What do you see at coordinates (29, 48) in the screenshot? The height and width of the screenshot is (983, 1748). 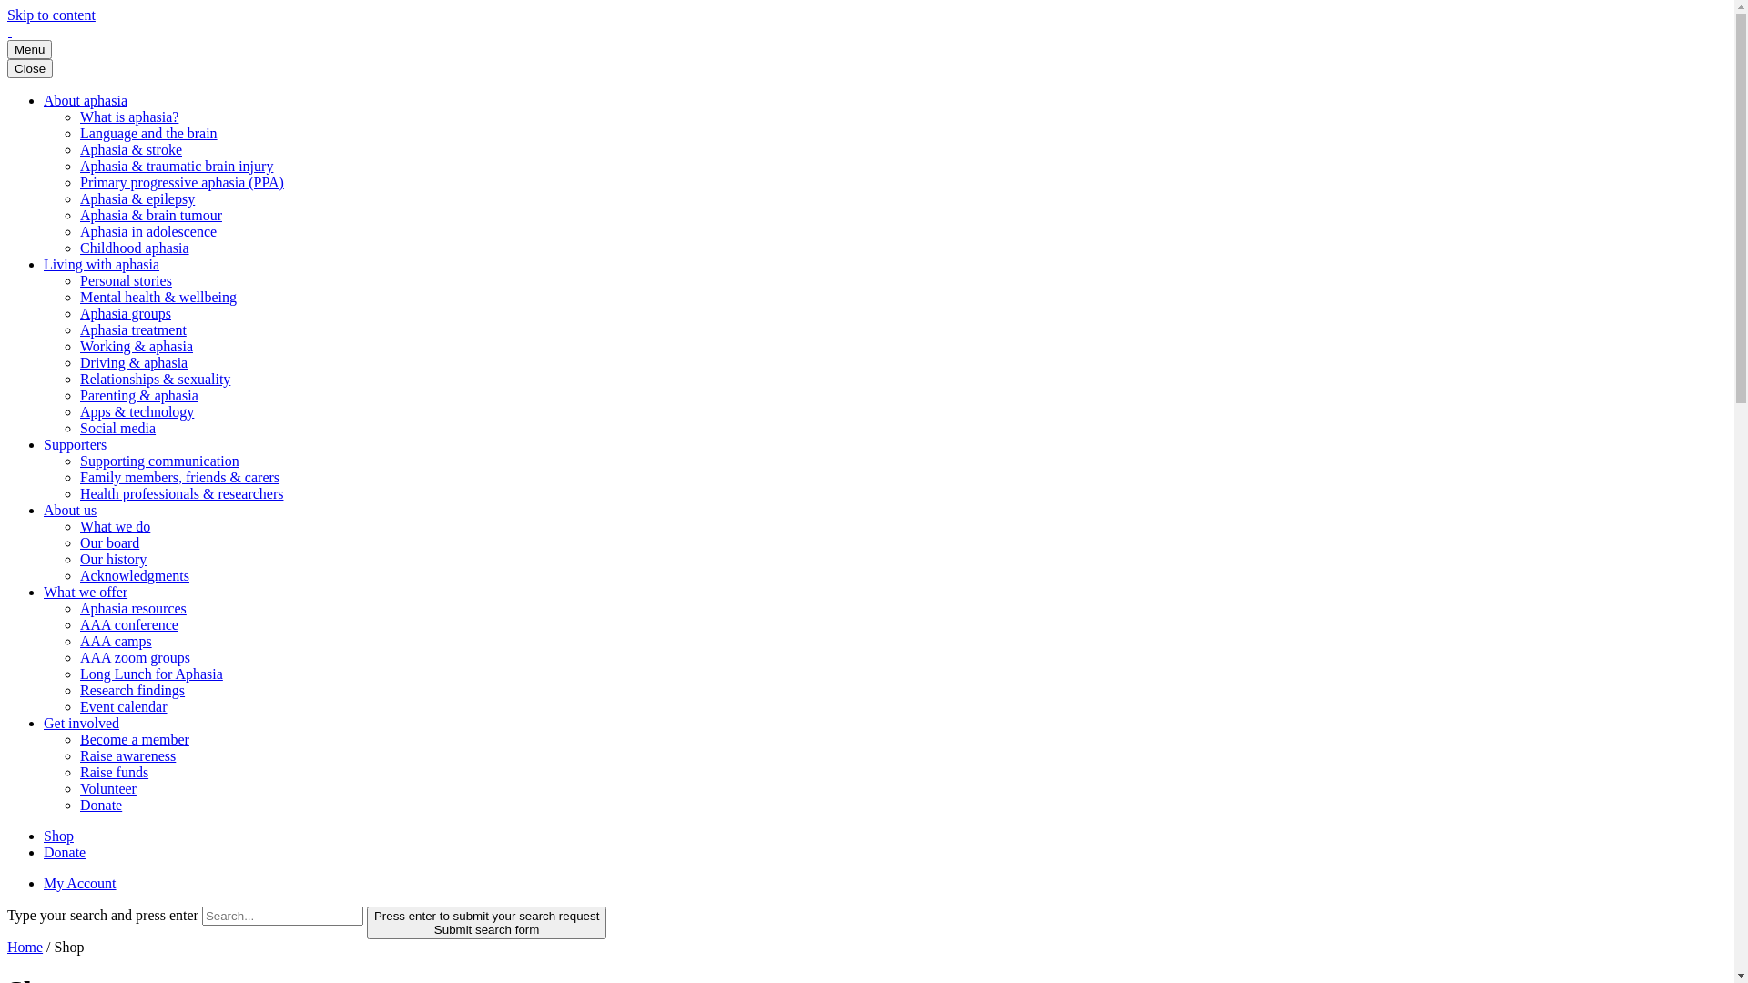 I see `'Menu'` at bounding box center [29, 48].